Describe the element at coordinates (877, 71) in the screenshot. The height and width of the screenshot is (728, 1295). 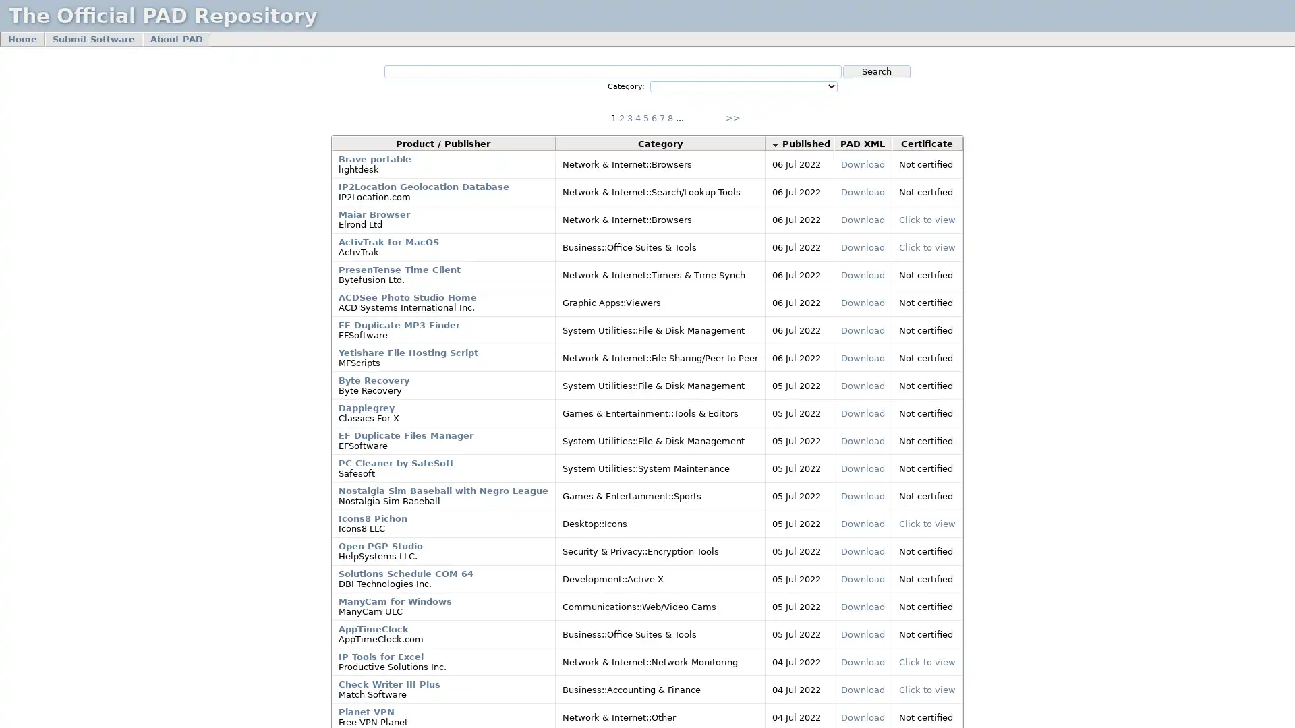
I see `Search` at that location.